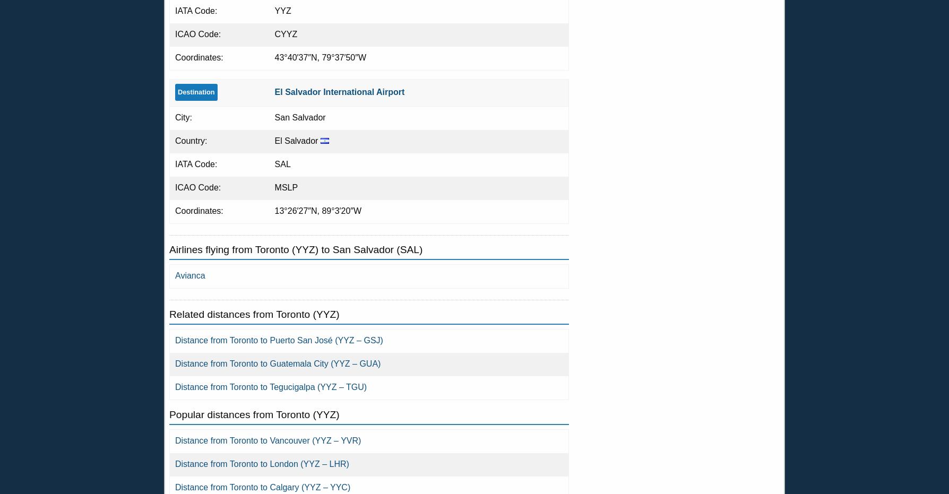 The height and width of the screenshot is (494, 949). What do you see at coordinates (195, 91) in the screenshot?
I see `'Destination'` at bounding box center [195, 91].